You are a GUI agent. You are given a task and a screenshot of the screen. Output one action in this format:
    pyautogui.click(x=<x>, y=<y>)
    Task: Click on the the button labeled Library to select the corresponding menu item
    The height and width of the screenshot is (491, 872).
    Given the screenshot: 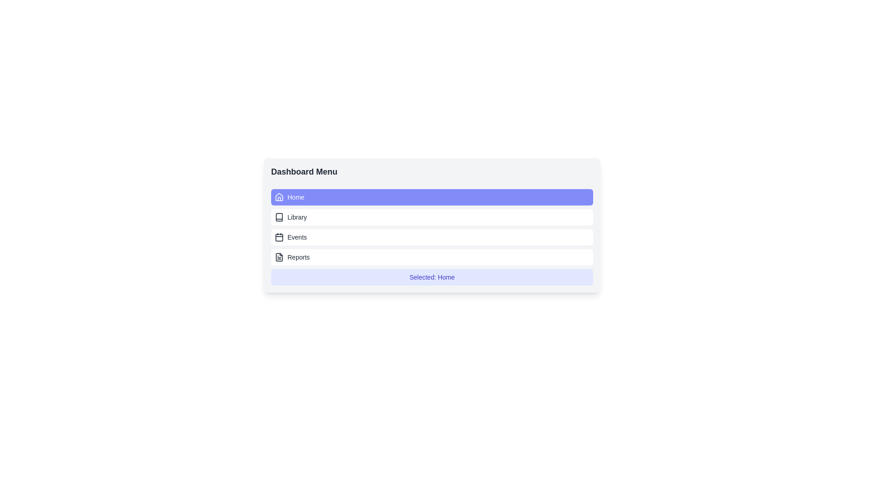 What is the action you would take?
    pyautogui.click(x=431, y=217)
    